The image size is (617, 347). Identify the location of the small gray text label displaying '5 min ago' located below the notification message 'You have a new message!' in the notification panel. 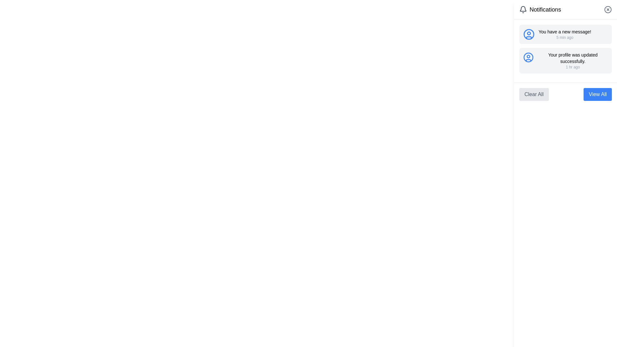
(564, 37).